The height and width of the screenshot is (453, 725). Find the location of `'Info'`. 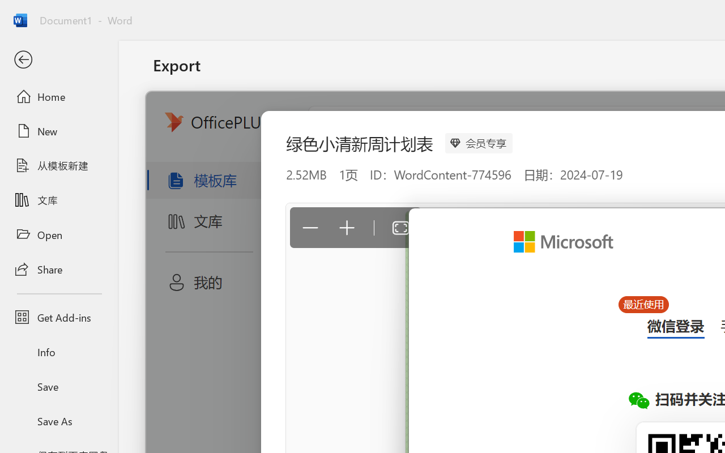

'Info' is located at coordinates (58, 352).